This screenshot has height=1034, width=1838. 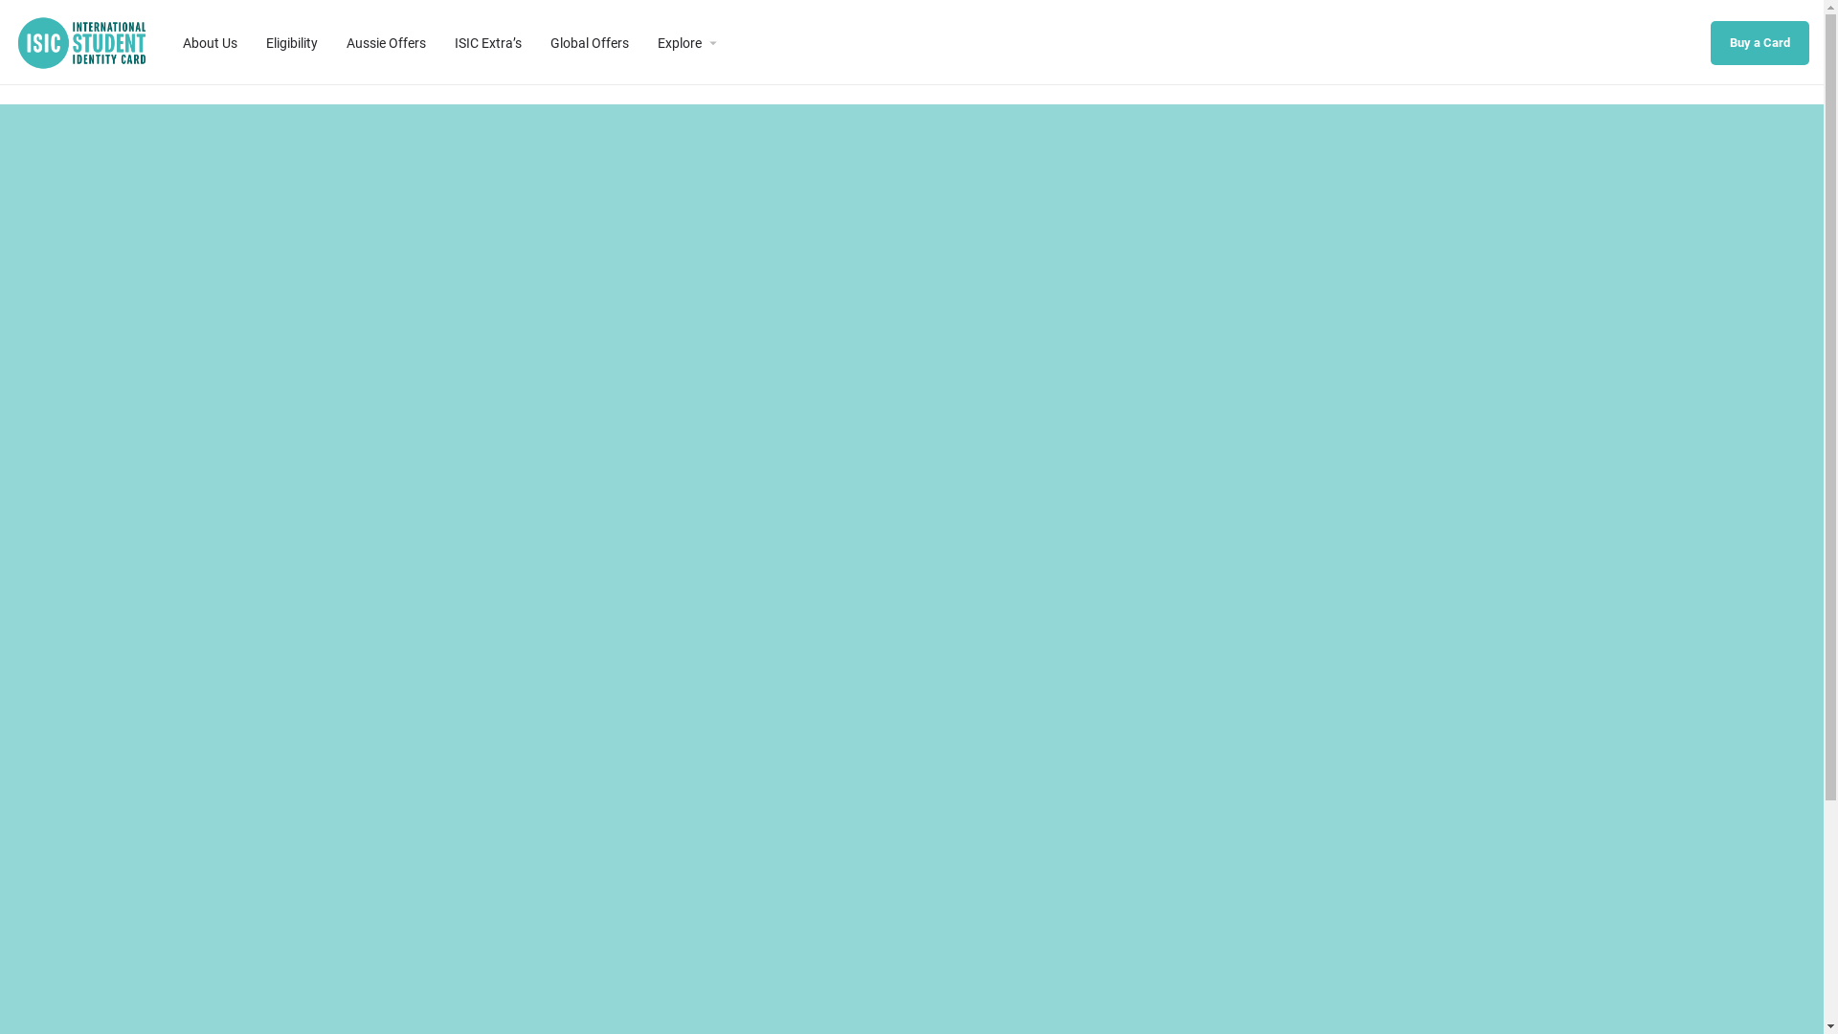 I want to click on 'Explore', so click(x=680, y=41).